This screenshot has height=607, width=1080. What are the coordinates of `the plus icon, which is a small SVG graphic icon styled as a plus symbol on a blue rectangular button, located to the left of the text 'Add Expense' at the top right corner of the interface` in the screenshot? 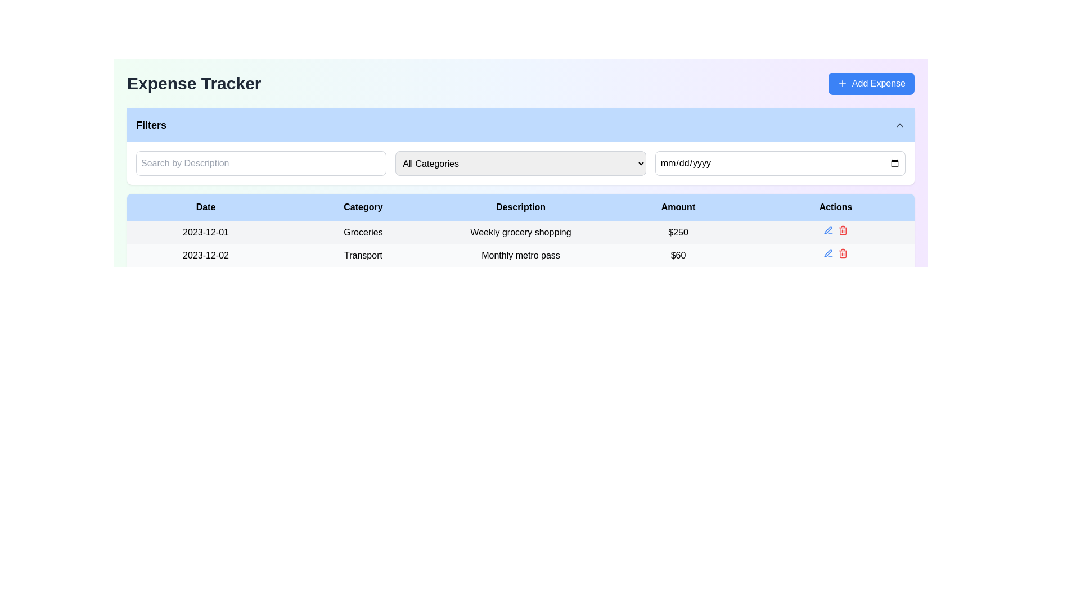 It's located at (842, 83).